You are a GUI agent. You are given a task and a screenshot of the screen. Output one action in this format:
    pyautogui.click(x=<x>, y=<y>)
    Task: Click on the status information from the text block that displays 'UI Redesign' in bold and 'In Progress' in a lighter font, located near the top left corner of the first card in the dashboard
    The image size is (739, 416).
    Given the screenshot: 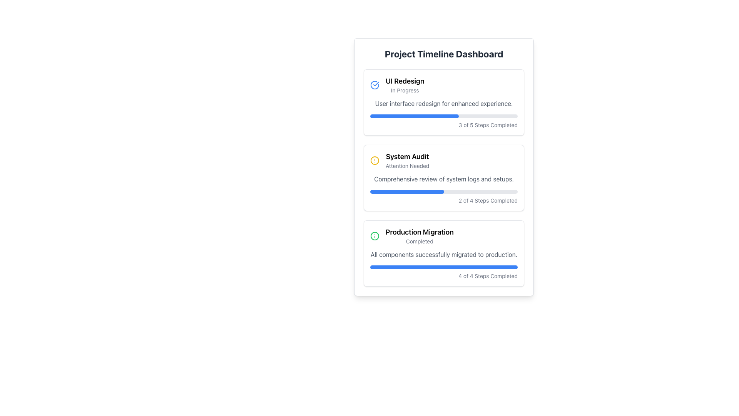 What is the action you would take?
    pyautogui.click(x=405, y=85)
    